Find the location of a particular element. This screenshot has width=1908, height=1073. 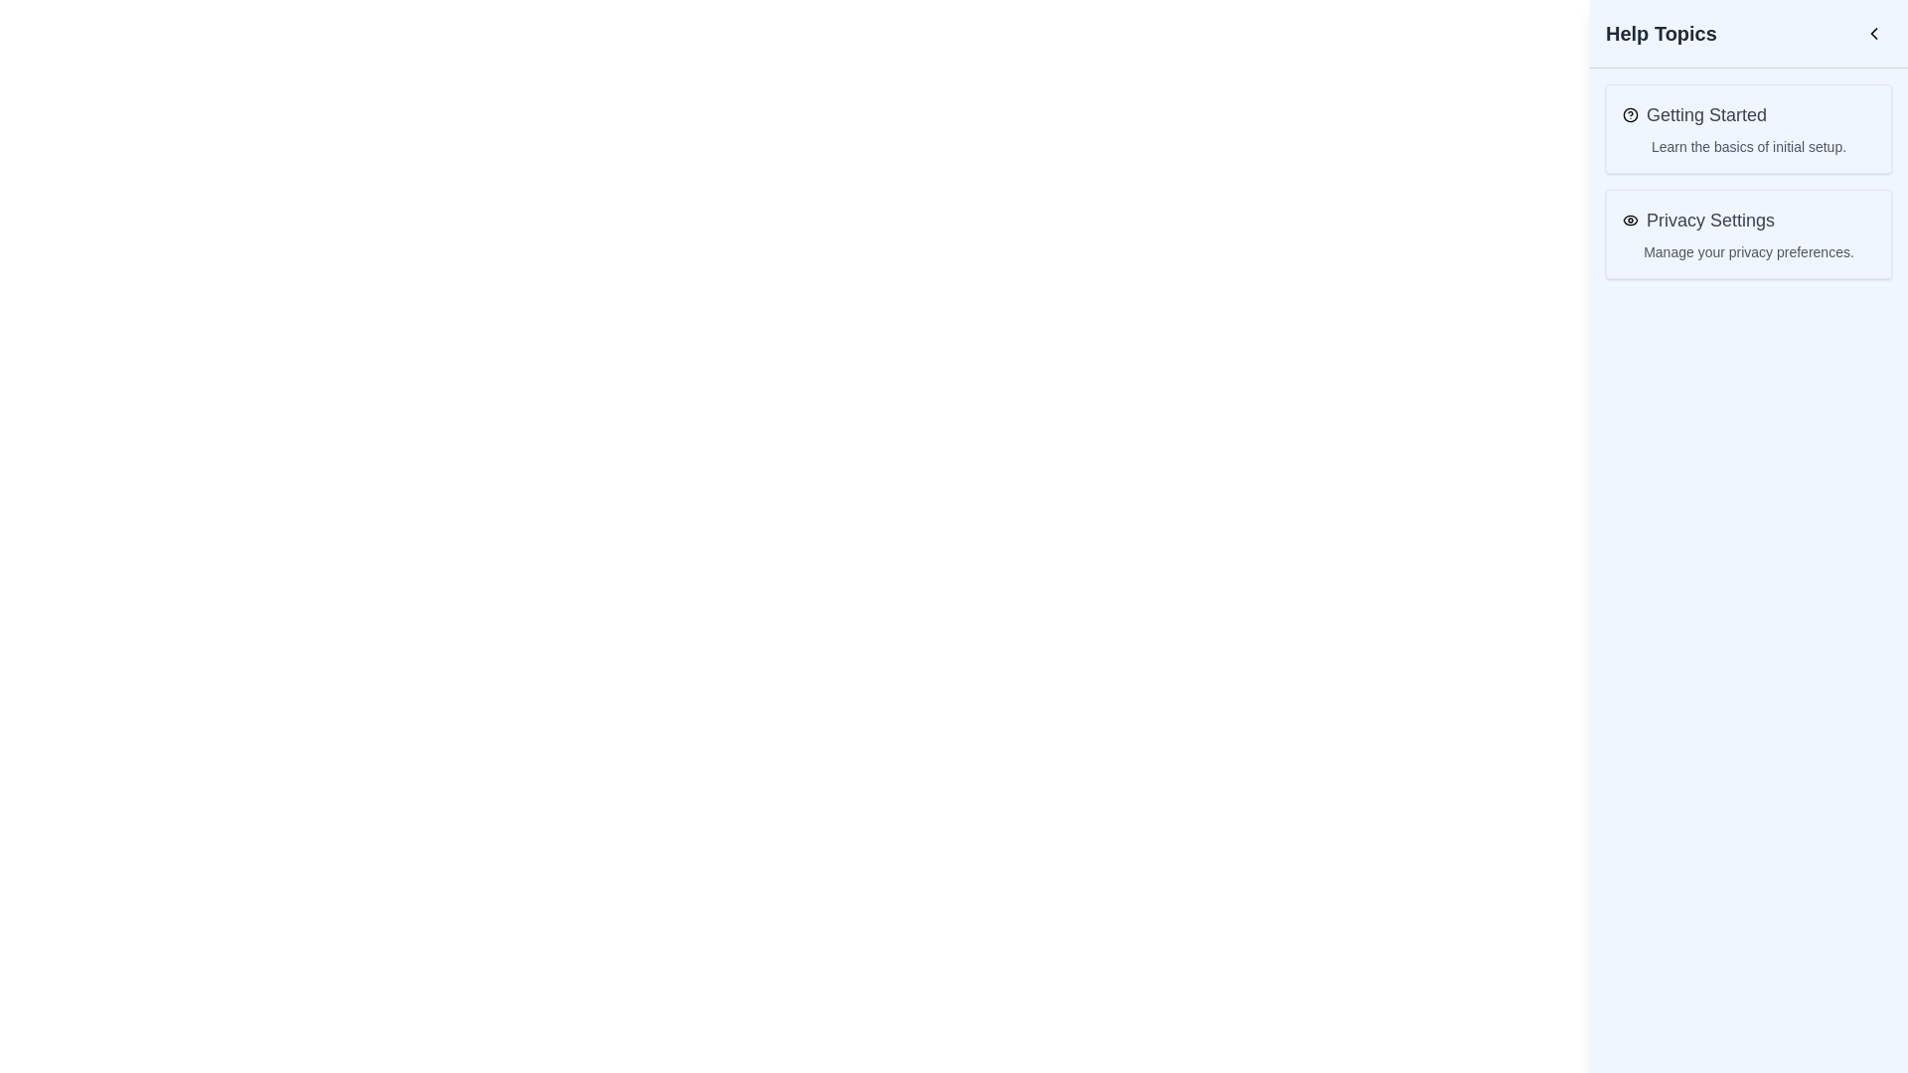

the Card-like button in the 'Help Topics' sidebar is located at coordinates (1749, 232).